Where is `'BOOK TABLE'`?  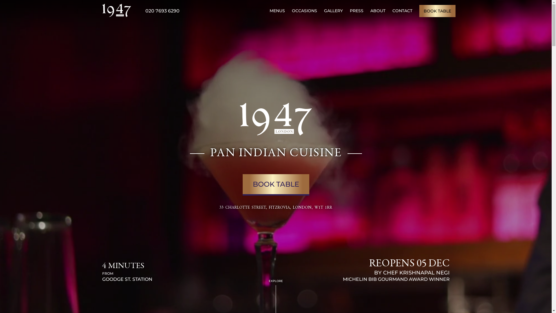
'BOOK TABLE' is located at coordinates (437, 11).